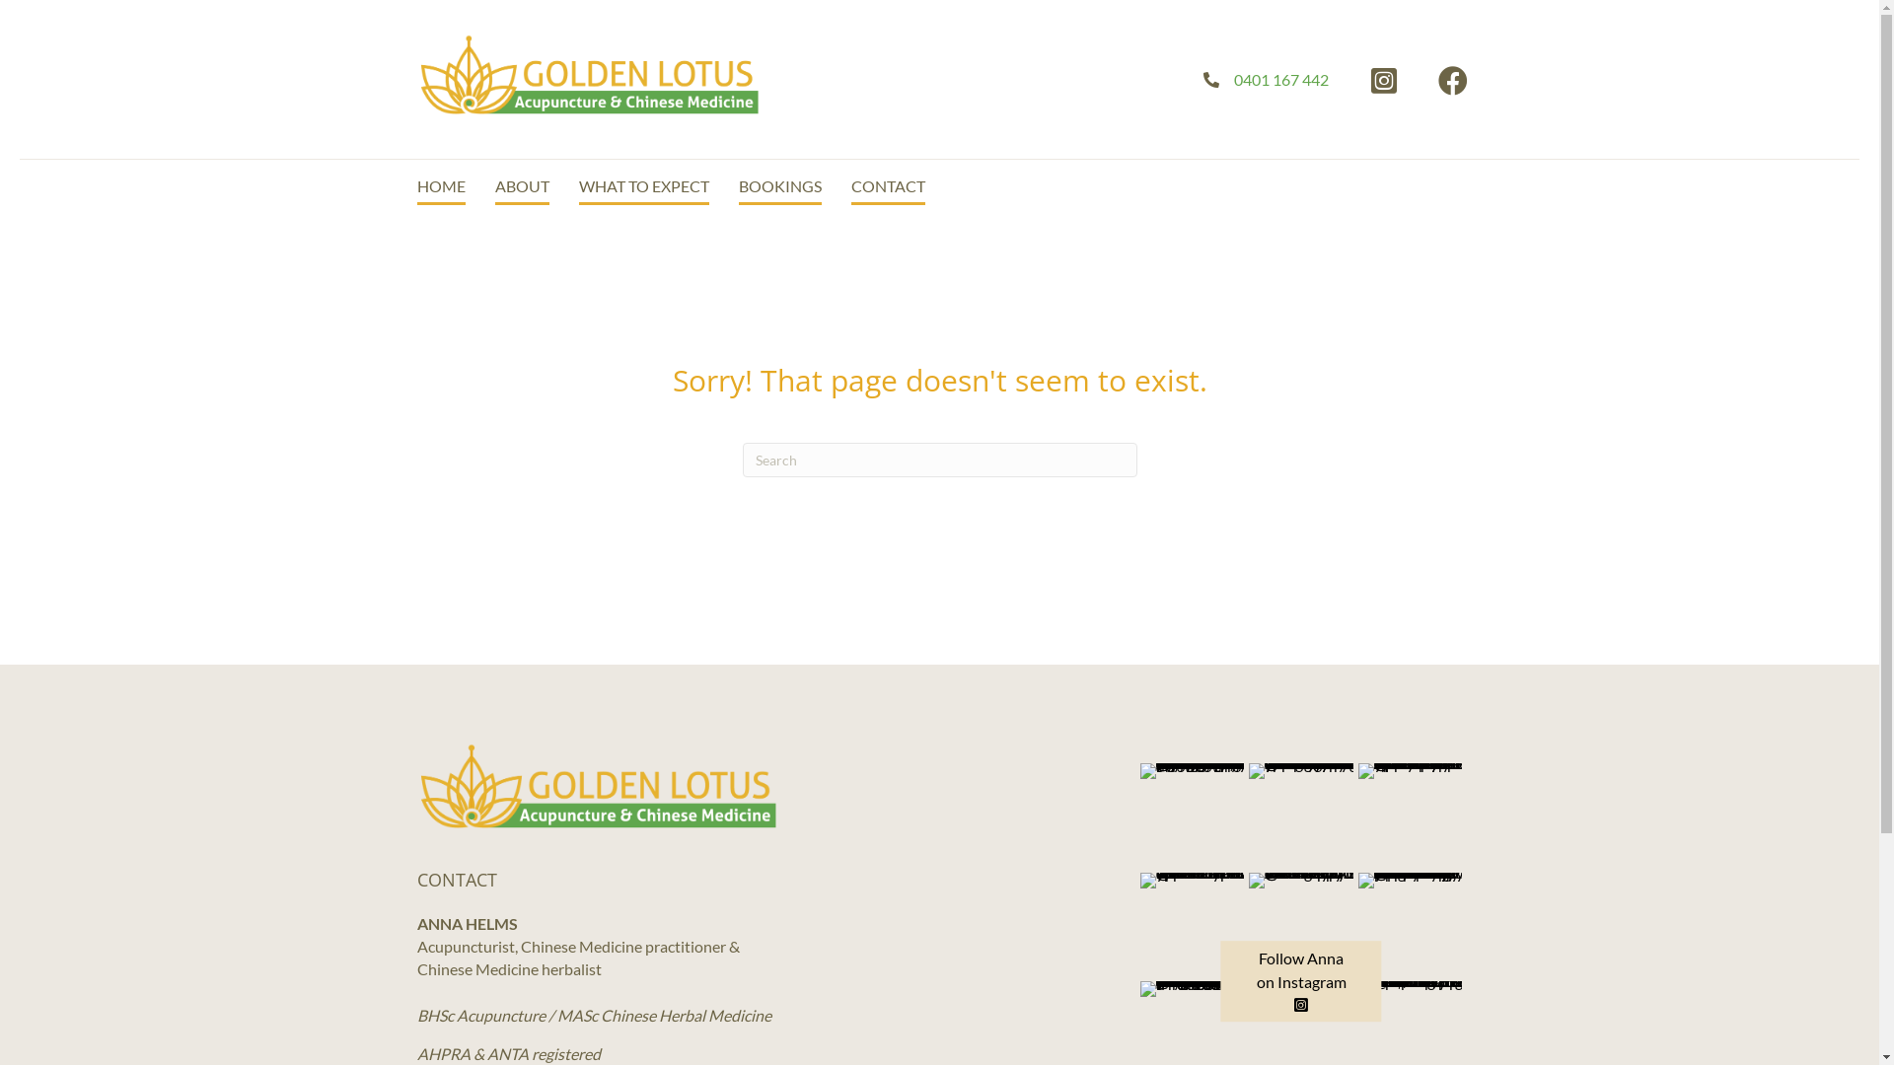 The image size is (1894, 1065). Describe the element at coordinates (596, 784) in the screenshot. I see `'GoldenLotus_Logo_2023'` at that location.